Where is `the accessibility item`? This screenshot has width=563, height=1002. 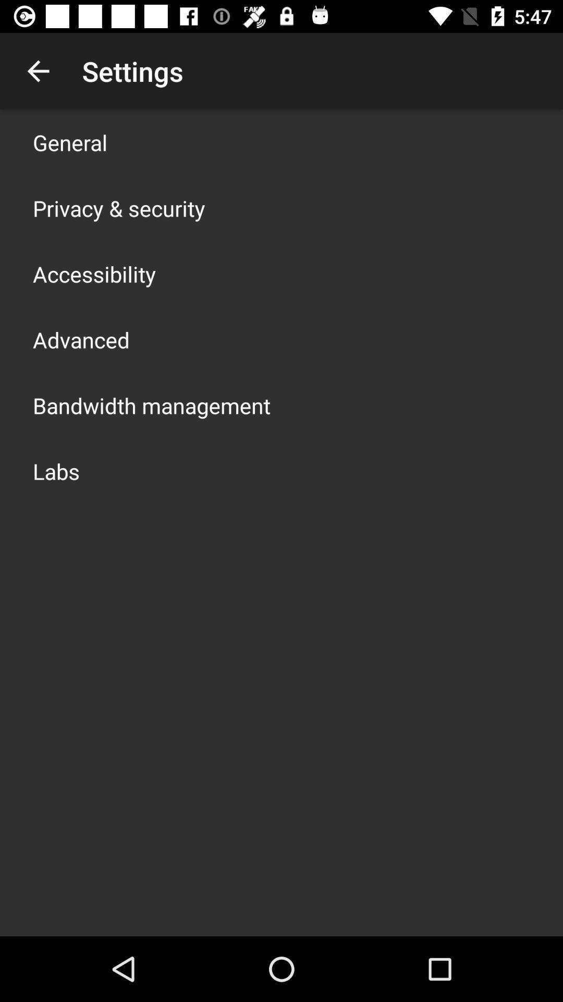 the accessibility item is located at coordinates (94, 273).